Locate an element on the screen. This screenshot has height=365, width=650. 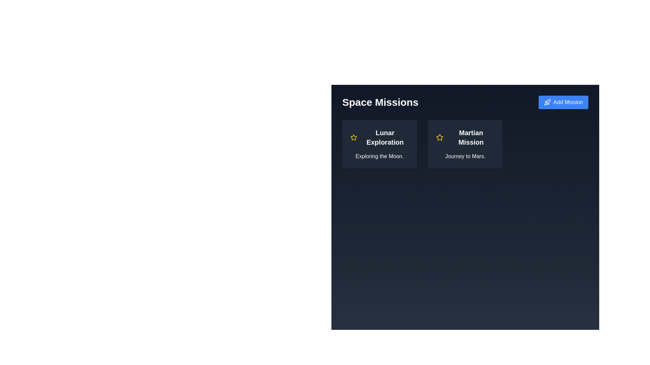
the text element displaying 'Exploring the Moon.' which is located at the bottom of the 'Lunar Exploration' card is located at coordinates (380, 156).